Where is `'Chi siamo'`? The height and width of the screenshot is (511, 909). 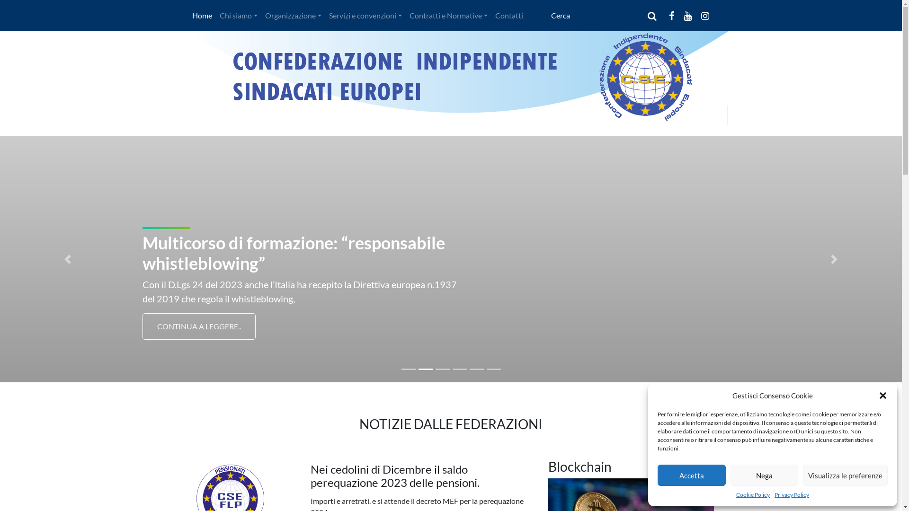
'Chi siamo' is located at coordinates (215, 16).